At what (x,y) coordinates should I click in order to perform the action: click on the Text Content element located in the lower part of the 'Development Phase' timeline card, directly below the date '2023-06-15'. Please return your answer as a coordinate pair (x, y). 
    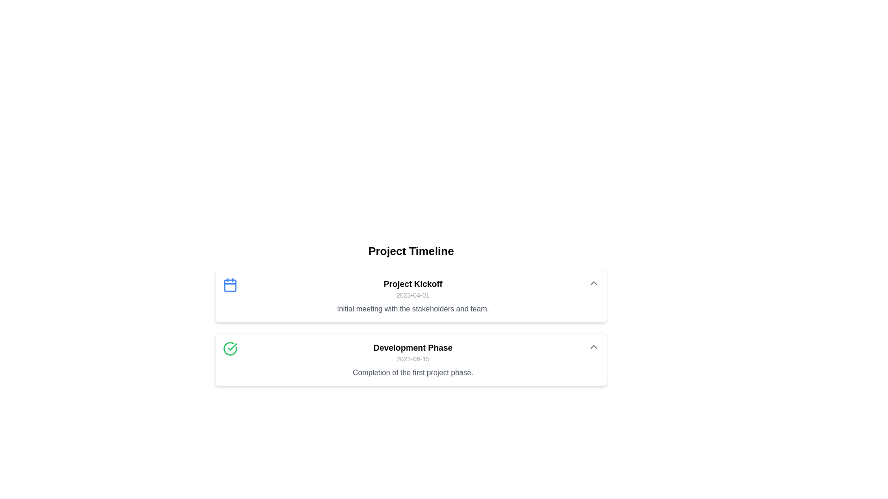
    Looking at the image, I should click on (412, 372).